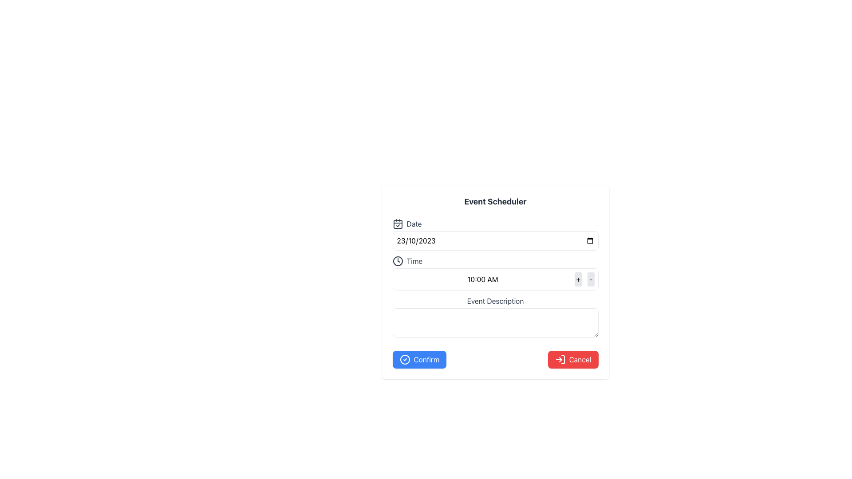  Describe the element at coordinates (404, 359) in the screenshot. I see `the 'Confirm' button by clicking on the circular checkmark icon located on its left side` at that location.